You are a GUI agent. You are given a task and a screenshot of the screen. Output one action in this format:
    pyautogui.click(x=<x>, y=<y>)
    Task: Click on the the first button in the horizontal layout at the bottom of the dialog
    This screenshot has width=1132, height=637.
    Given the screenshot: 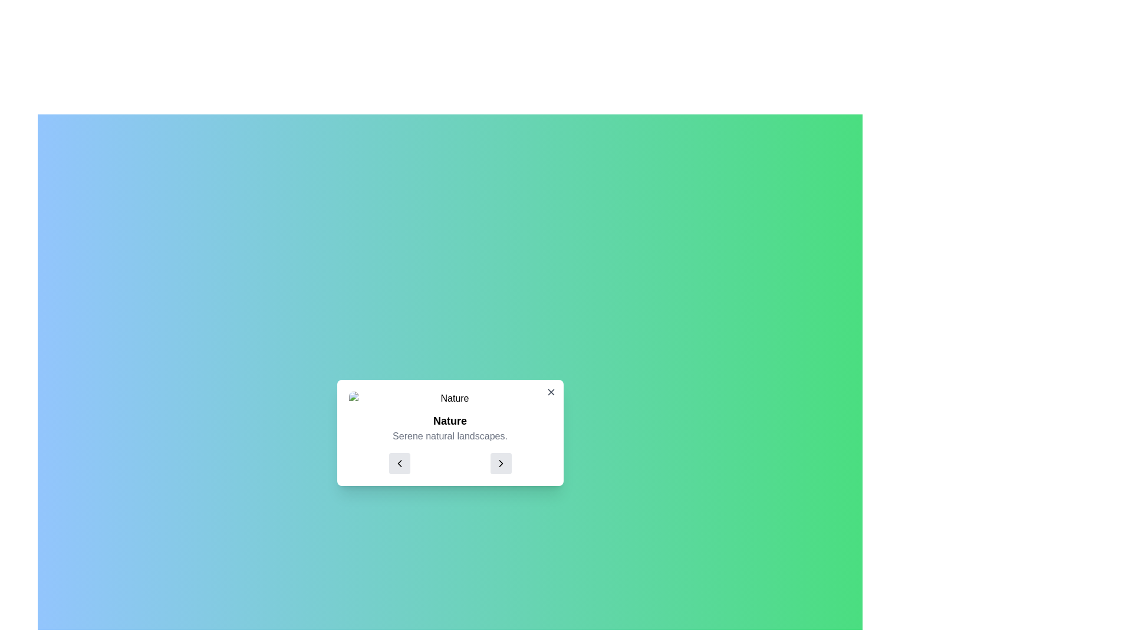 What is the action you would take?
    pyautogui.click(x=399, y=463)
    